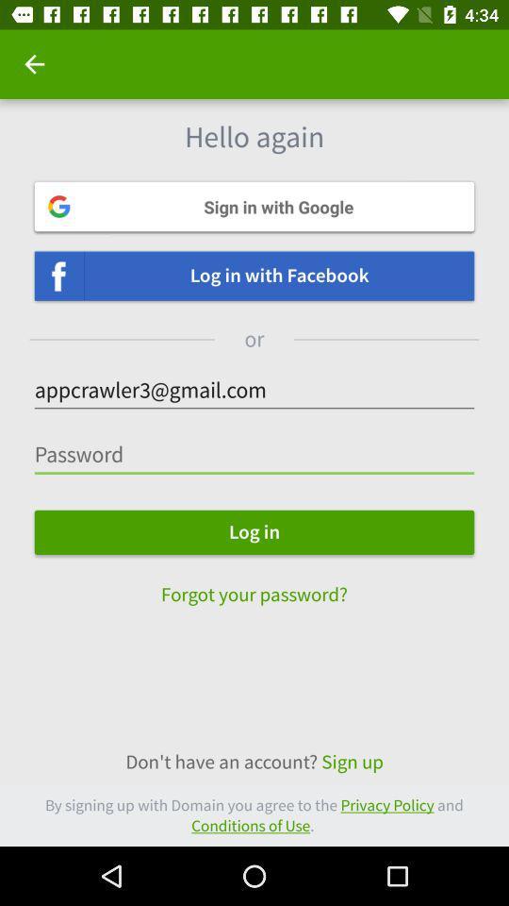 Image resolution: width=509 pixels, height=906 pixels. What do you see at coordinates (254, 814) in the screenshot?
I see `the by signing up icon` at bounding box center [254, 814].